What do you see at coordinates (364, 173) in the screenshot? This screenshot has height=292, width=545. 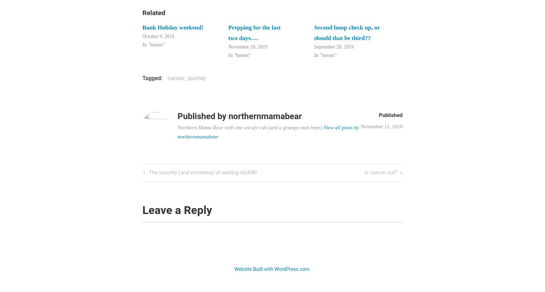 I see `'Is cancer out?'` at bounding box center [364, 173].